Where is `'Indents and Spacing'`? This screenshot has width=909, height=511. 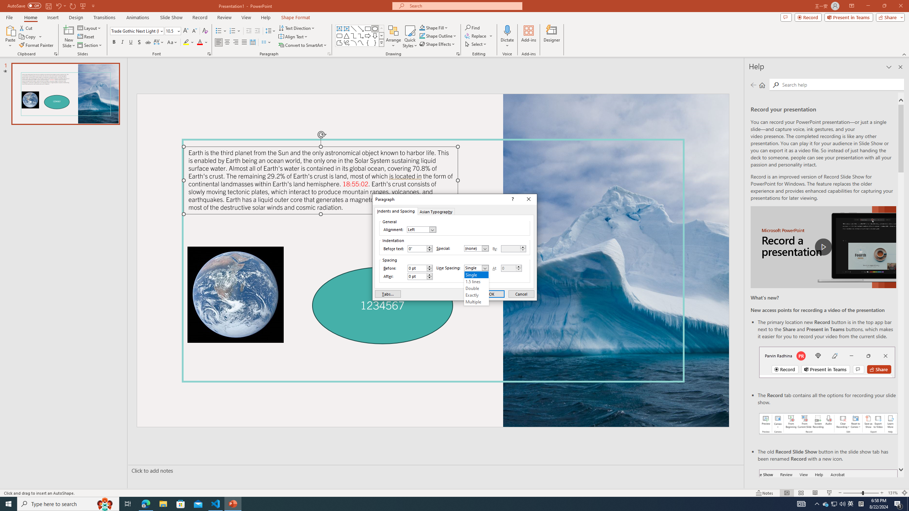 'Indents and Spacing' is located at coordinates (395, 210).